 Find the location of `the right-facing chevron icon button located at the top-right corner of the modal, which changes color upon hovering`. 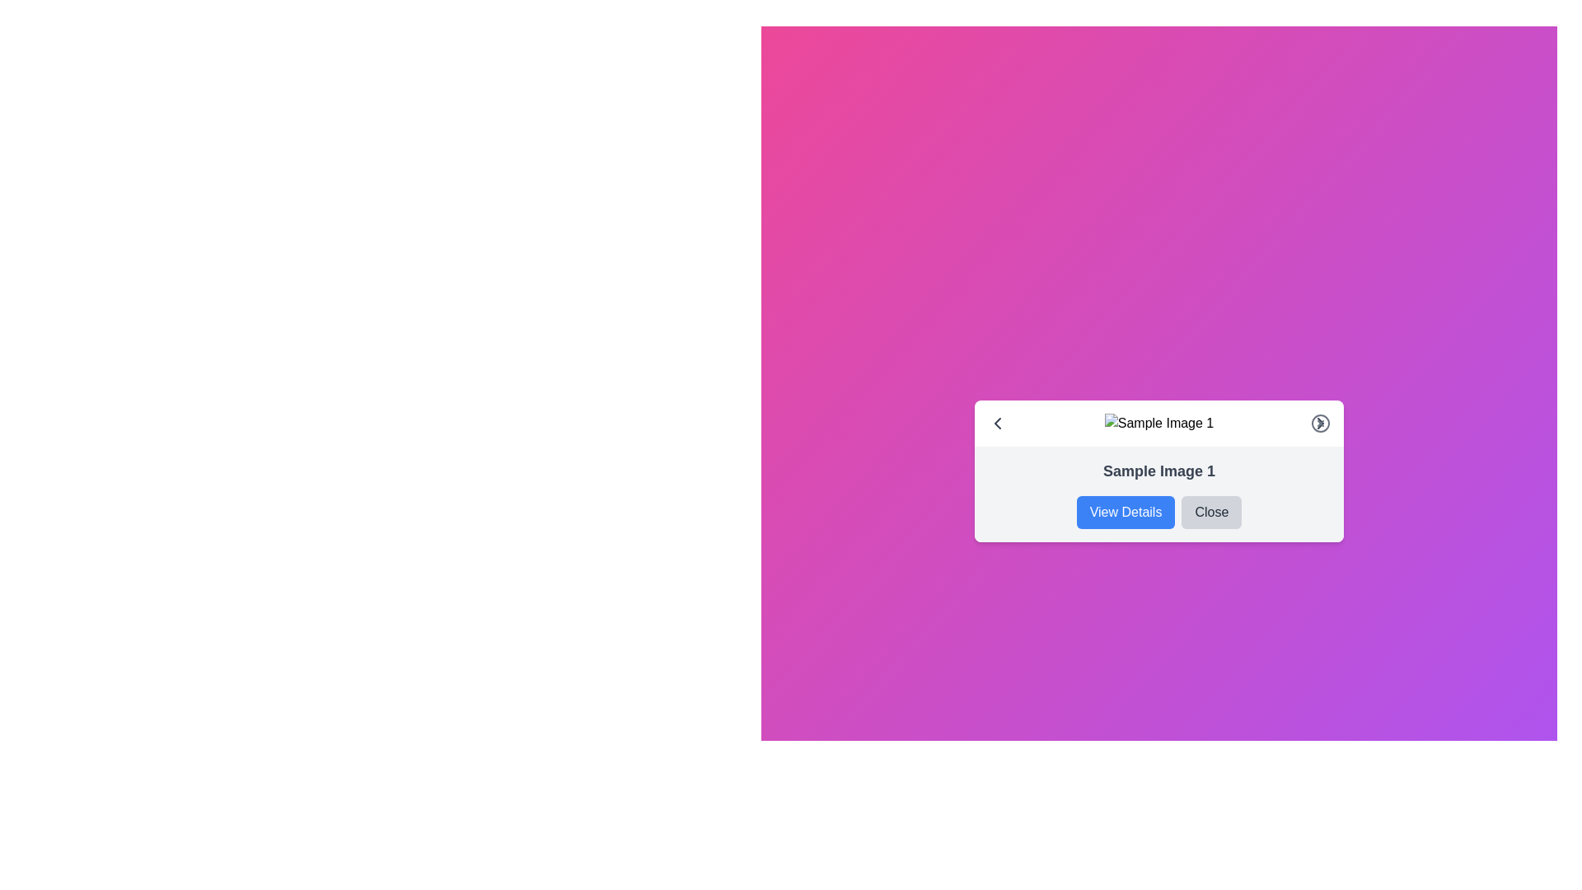

the right-facing chevron icon button located at the top-right corner of the modal, which changes color upon hovering is located at coordinates (1321, 422).